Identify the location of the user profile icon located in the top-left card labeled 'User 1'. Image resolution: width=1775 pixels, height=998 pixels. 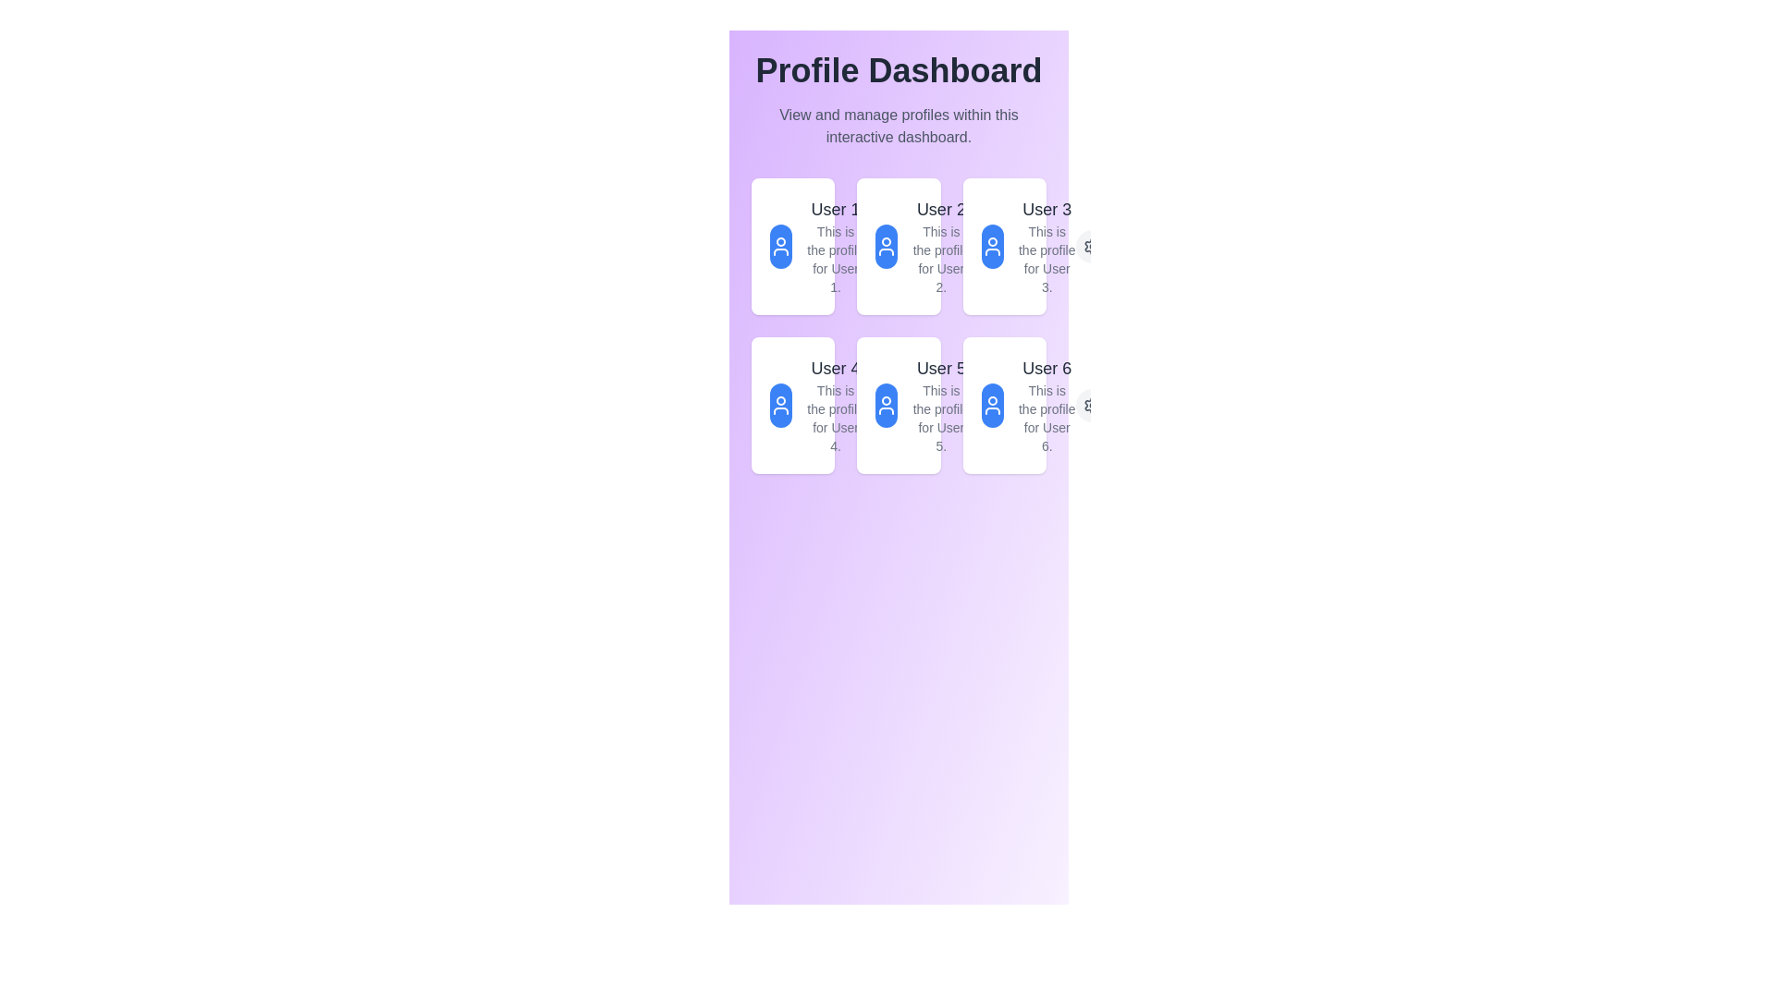
(793, 245).